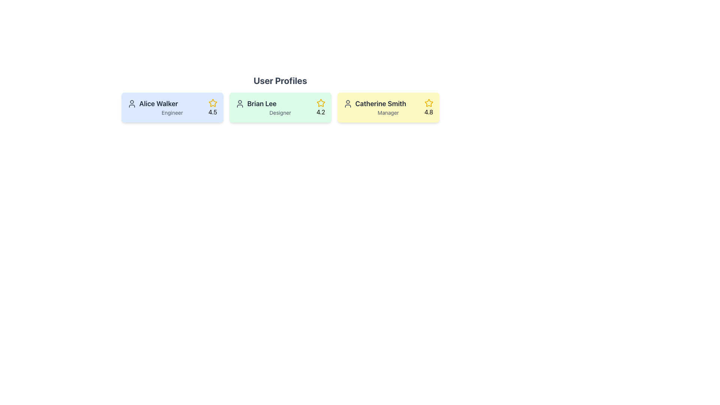 This screenshot has width=720, height=405. What do you see at coordinates (347, 104) in the screenshot?
I see `the user silhouette icon, which is positioned to the far left within the yellow box containing 'Catherine Smith Manager' and is left-aligned with the text 'Catherine Smith'` at bounding box center [347, 104].